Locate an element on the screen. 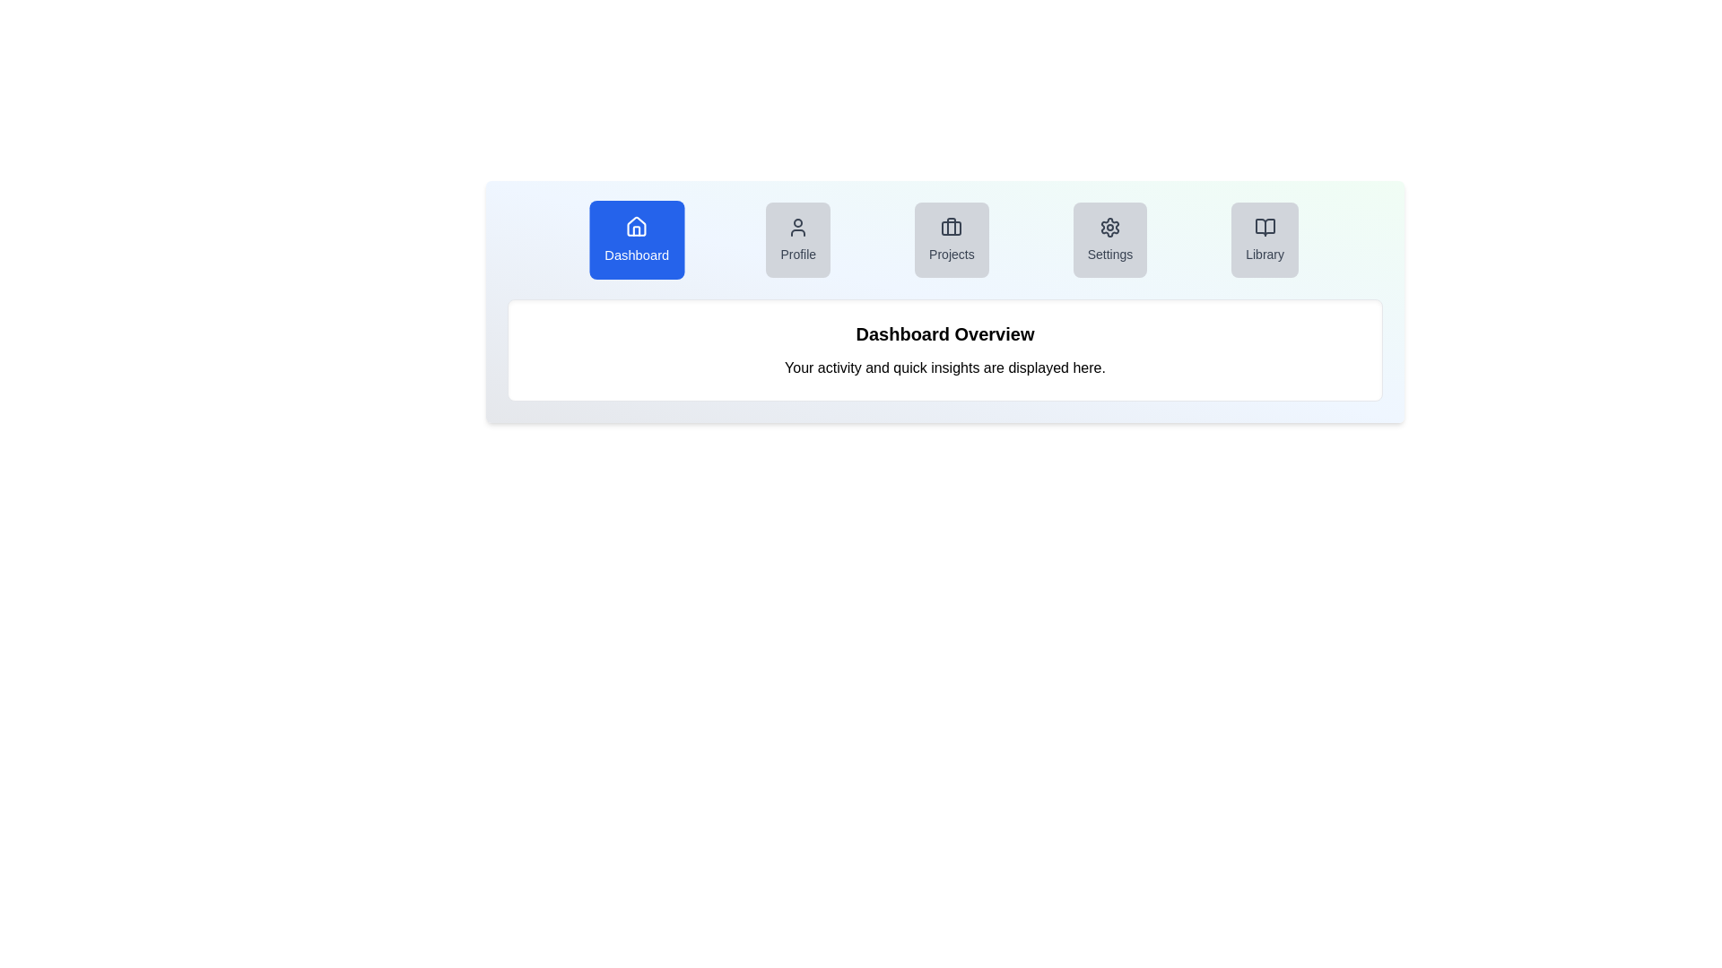 The height and width of the screenshot is (968, 1722). the 'Projects' button with a briefcase icon, which is the third button in a horizontal row of five buttons is located at coordinates (944, 238).